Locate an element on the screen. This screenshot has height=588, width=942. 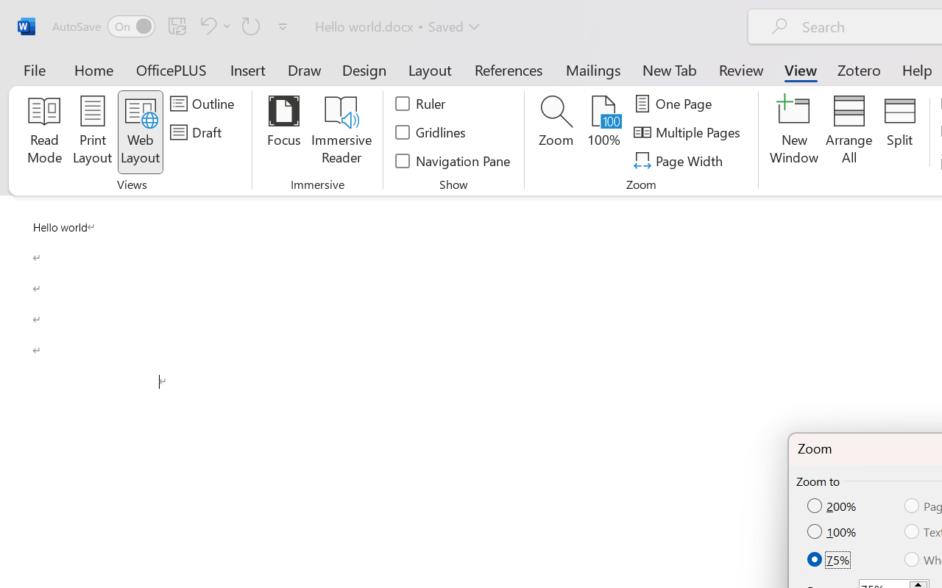
'Immersive Reader' is located at coordinates (341, 132).